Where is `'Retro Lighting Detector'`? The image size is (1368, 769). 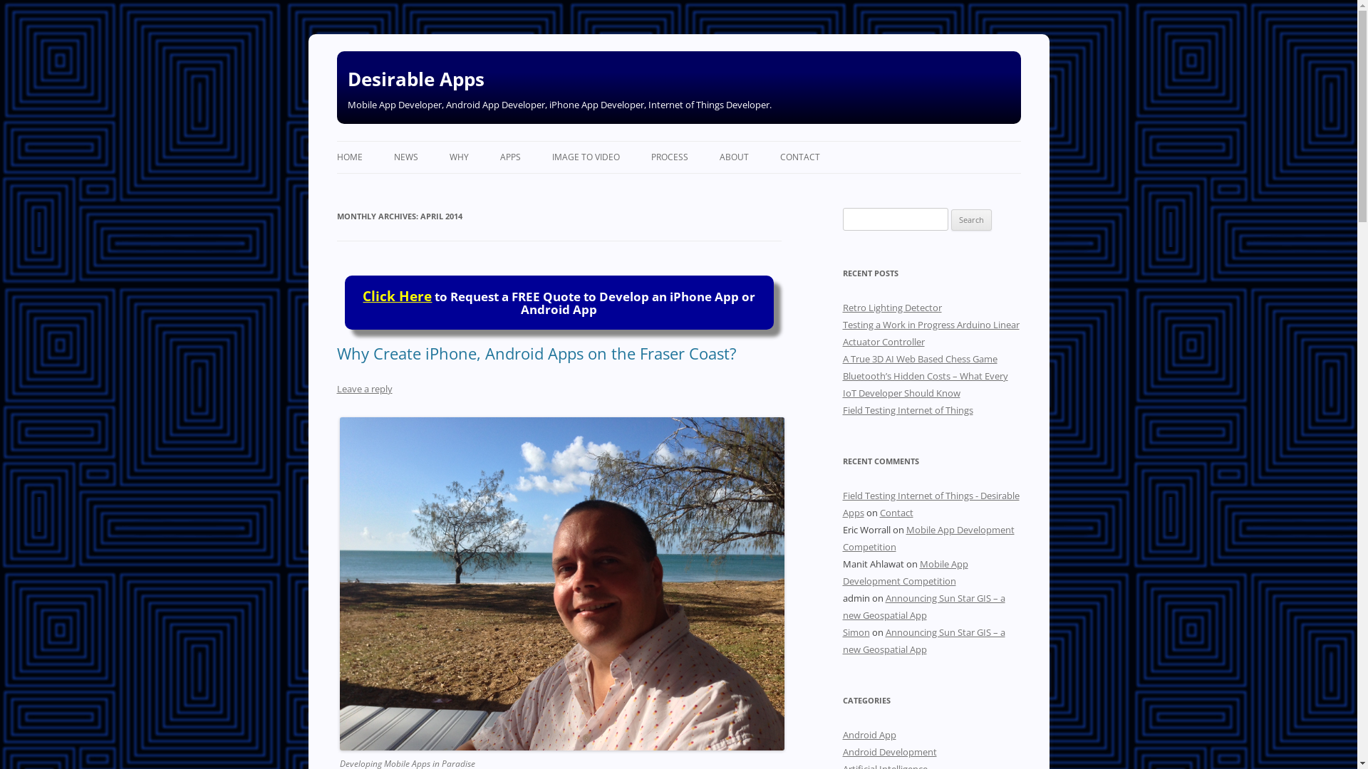
'Retro Lighting Detector' is located at coordinates (891, 307).